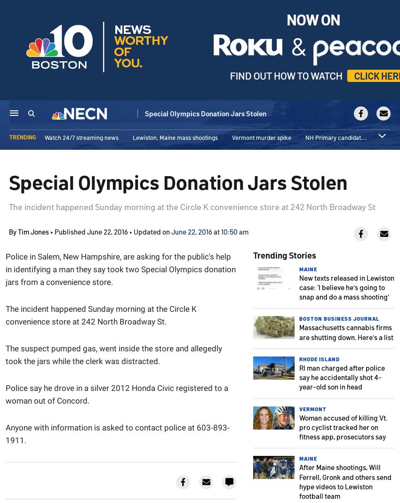 This screenshot has width=400, height=503. What do you see at coordinates (298, 426) in the screenshot?
I see `'Woman accused of killing Vt. pro cyclist tracked her on fitness app, prosecutors say'` at bounding box center [298, 426].